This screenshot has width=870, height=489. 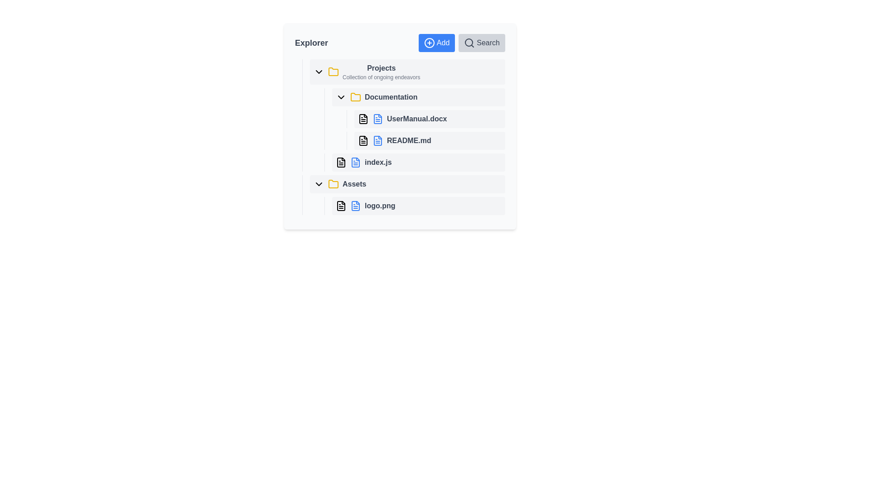 I want to click on the 'UserManual.docx' file entry, so click(x=425, y=118).